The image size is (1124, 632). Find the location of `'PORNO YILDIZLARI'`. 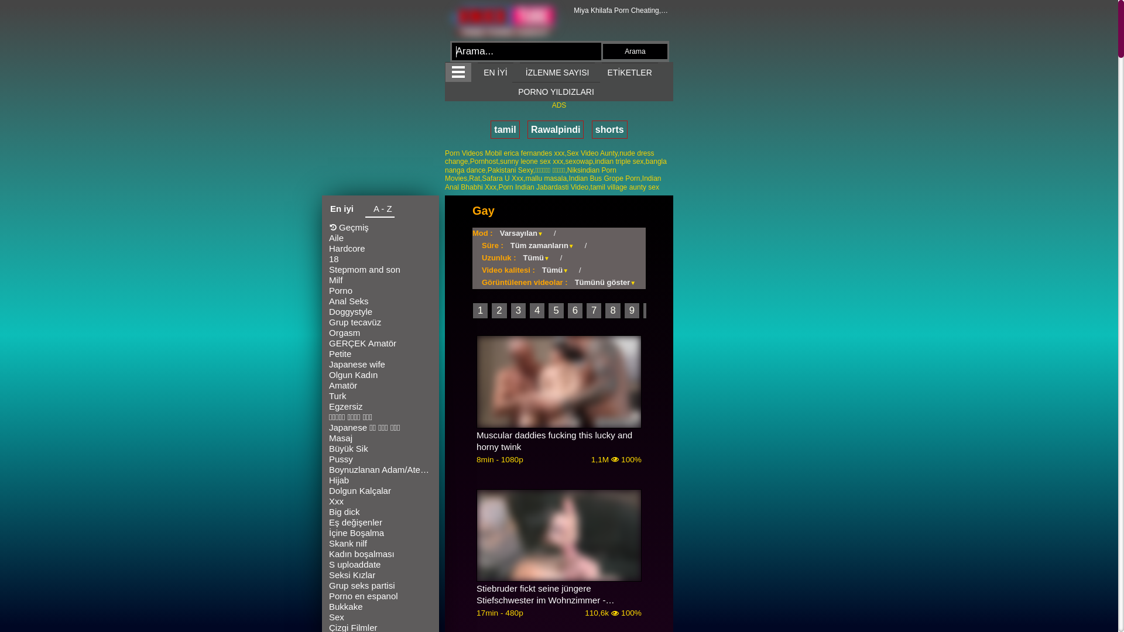

'PORNO YILDIZLARI' is located at coordinates (512, 91).